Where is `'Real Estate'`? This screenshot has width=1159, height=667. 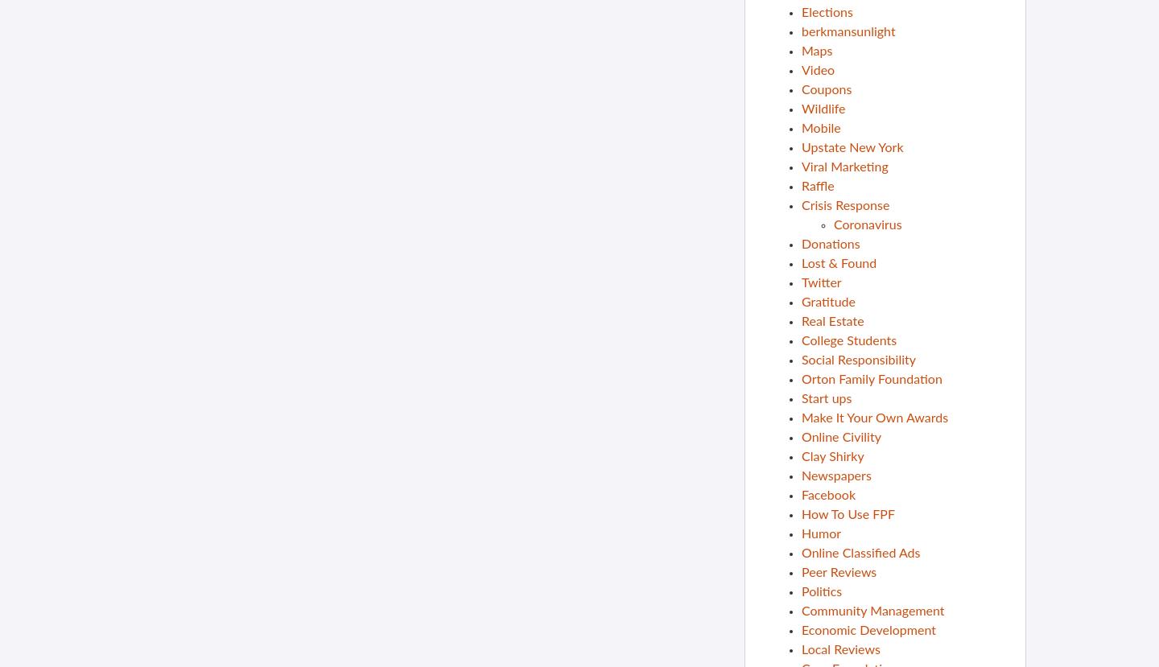
'Real Estate' is located at coordinates (801, 320).